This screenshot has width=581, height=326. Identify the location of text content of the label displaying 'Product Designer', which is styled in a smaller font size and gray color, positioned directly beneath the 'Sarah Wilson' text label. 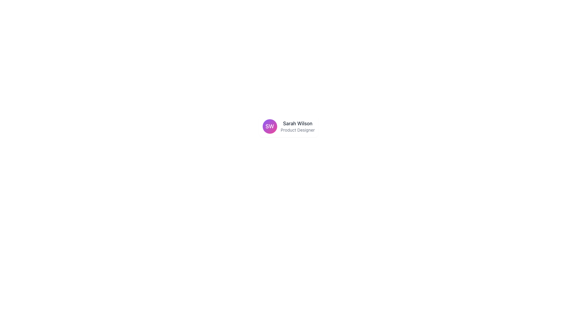
(297, 130).